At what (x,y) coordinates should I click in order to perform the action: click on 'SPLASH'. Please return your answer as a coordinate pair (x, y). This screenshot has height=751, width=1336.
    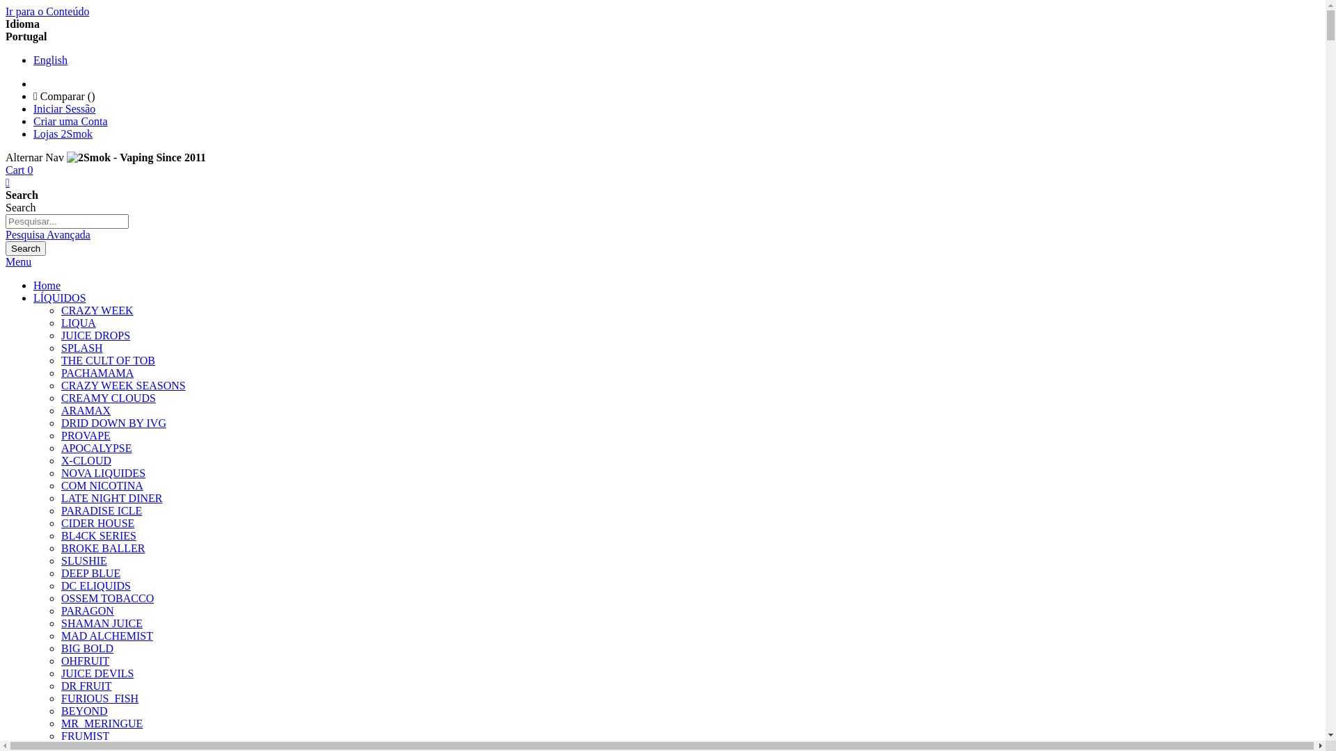
    Looking at the image, I should click on (60, 347).